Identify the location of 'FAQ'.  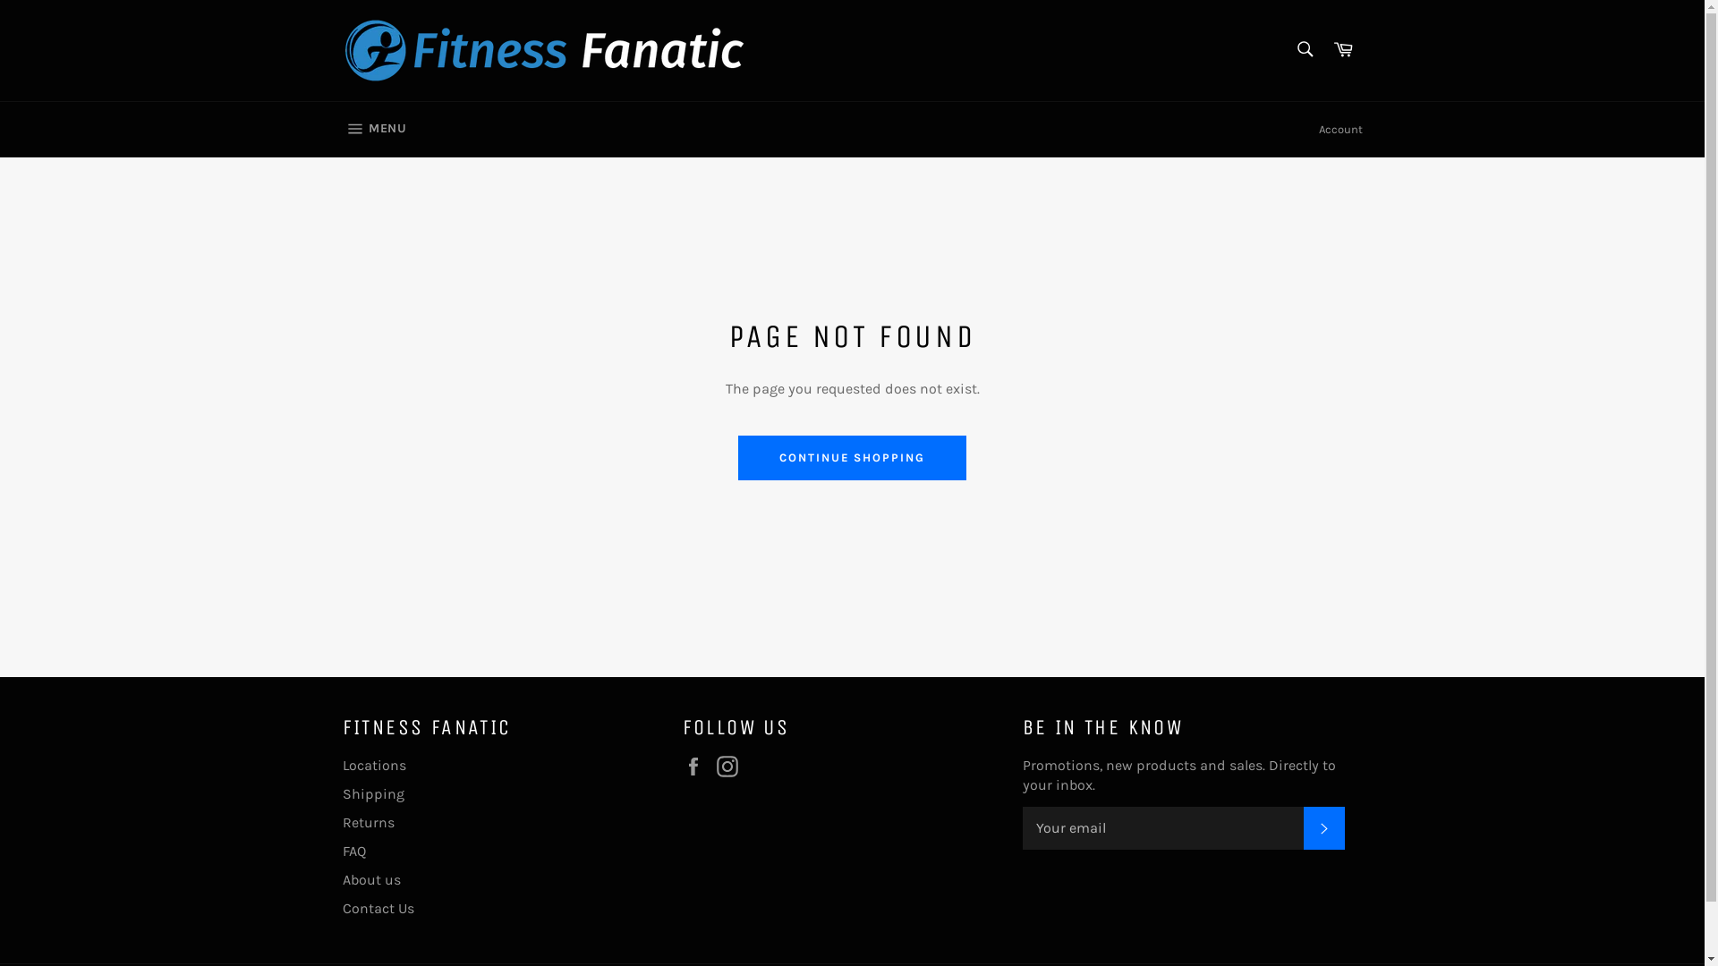
(342, 850).